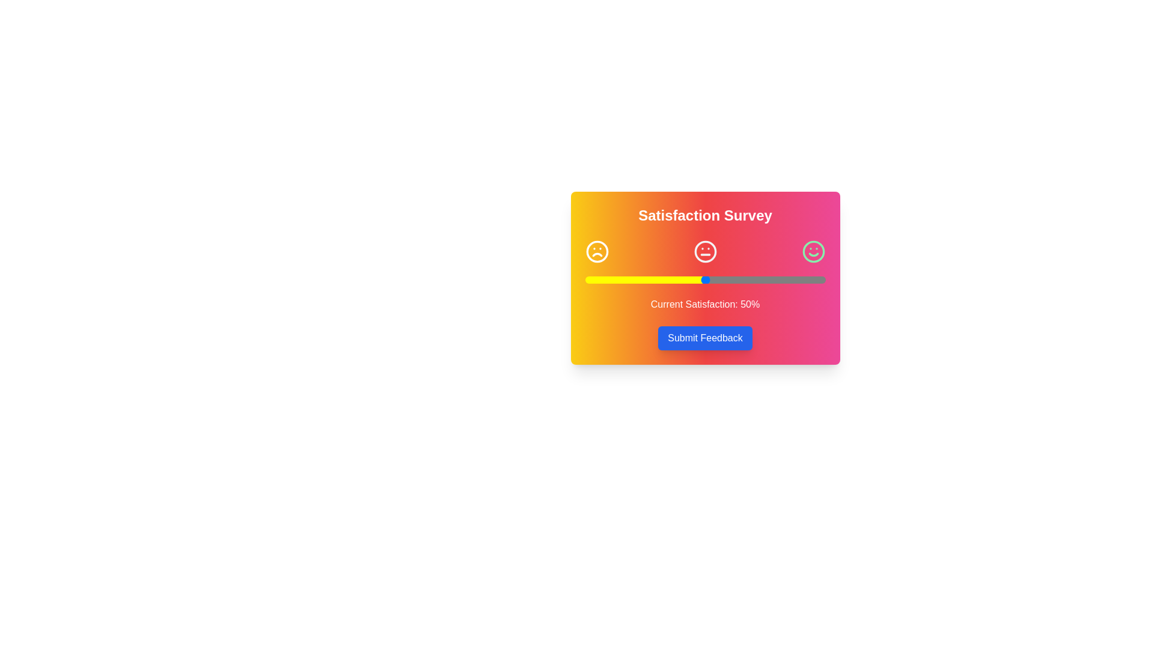 This screenshot has width=1154, height=649. I want to click on the slider to 84% satisfaction, so click(787, 280).